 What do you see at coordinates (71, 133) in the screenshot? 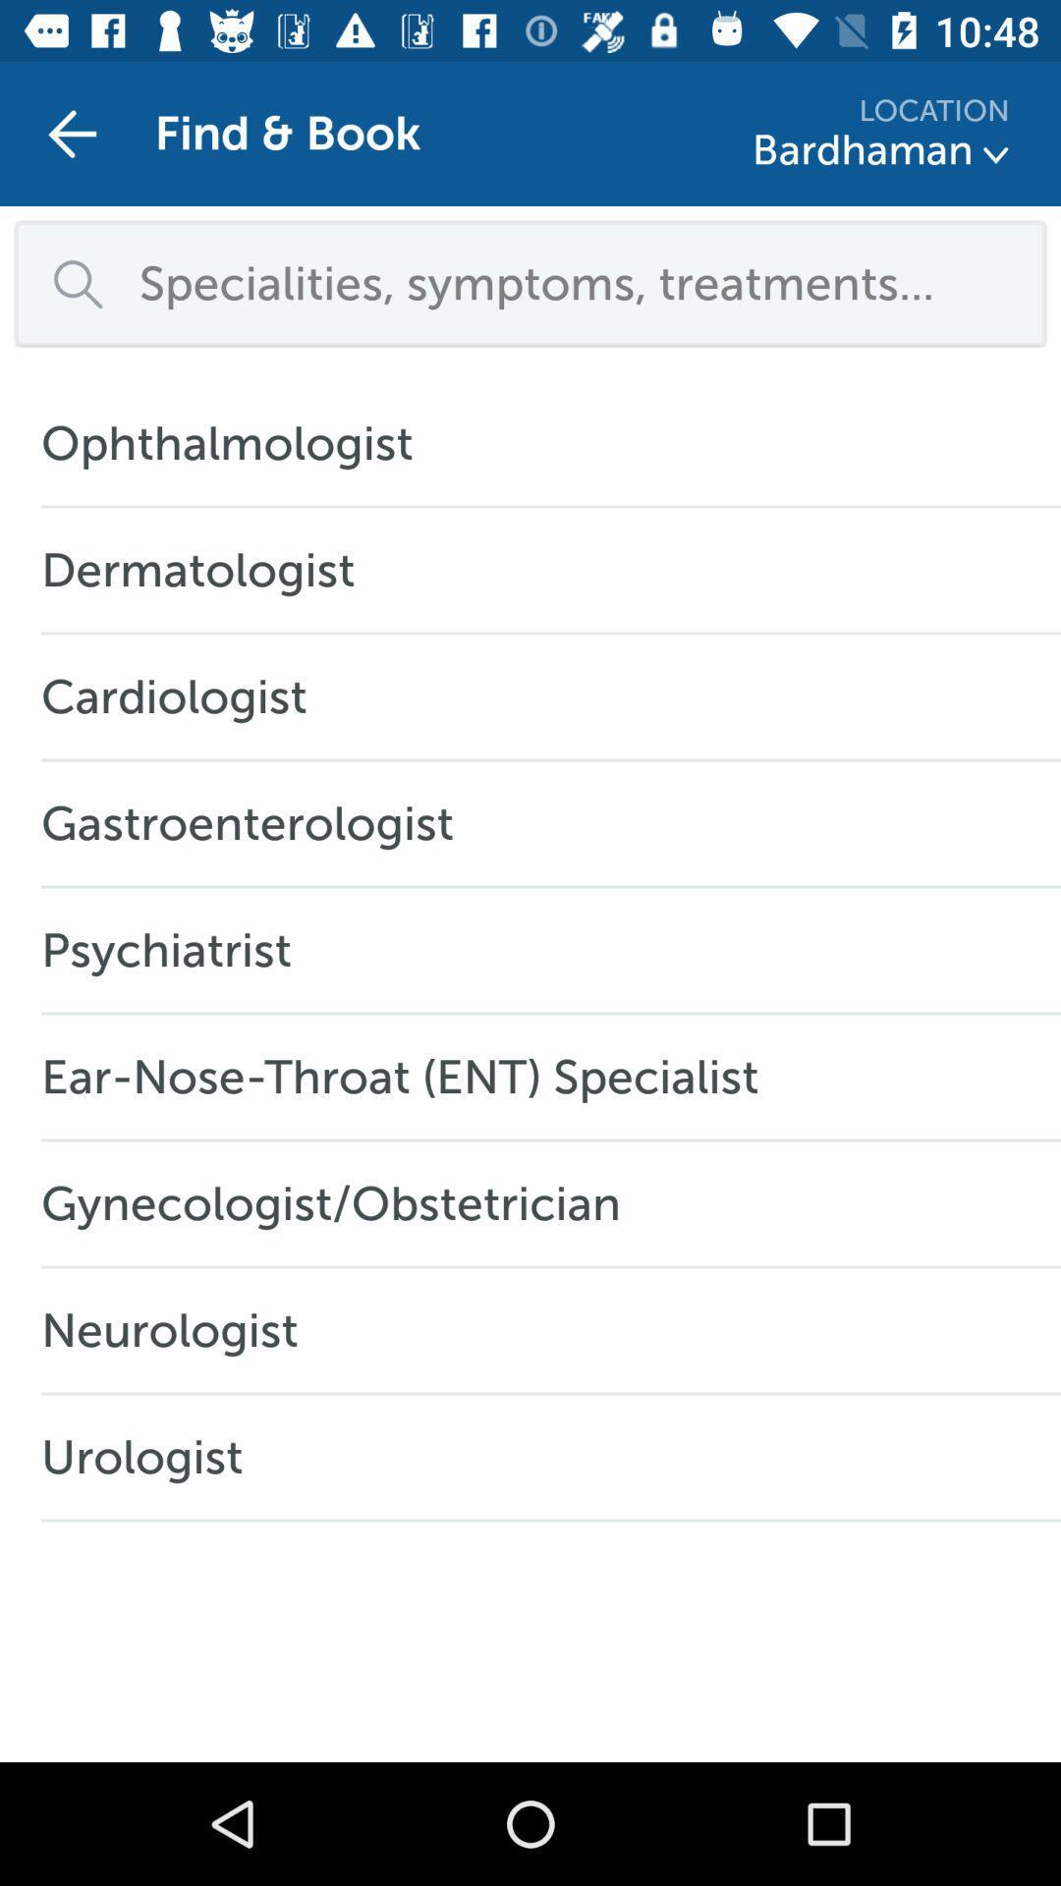
I see `go back` at bounding box center [71, 133].